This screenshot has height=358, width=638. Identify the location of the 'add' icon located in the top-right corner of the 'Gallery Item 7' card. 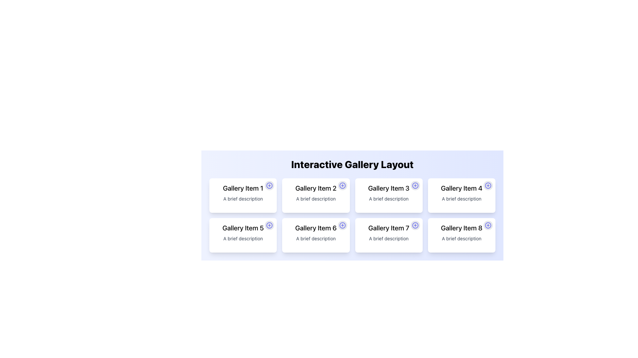
(415, 225).